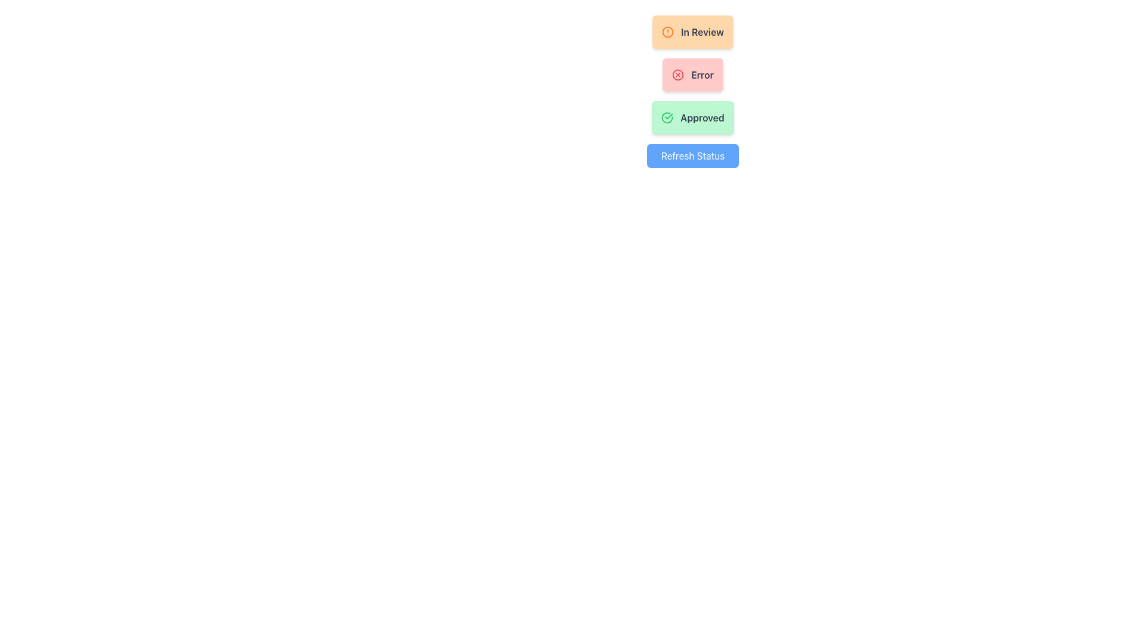 Image resolution: width=1144 pixels, height=643 pixels. I want to click on the non-interactive Notification box indicating an 'Error' state, which is positioned below the 'In Review' button and above the 'Approved' button, so click(692, 75).